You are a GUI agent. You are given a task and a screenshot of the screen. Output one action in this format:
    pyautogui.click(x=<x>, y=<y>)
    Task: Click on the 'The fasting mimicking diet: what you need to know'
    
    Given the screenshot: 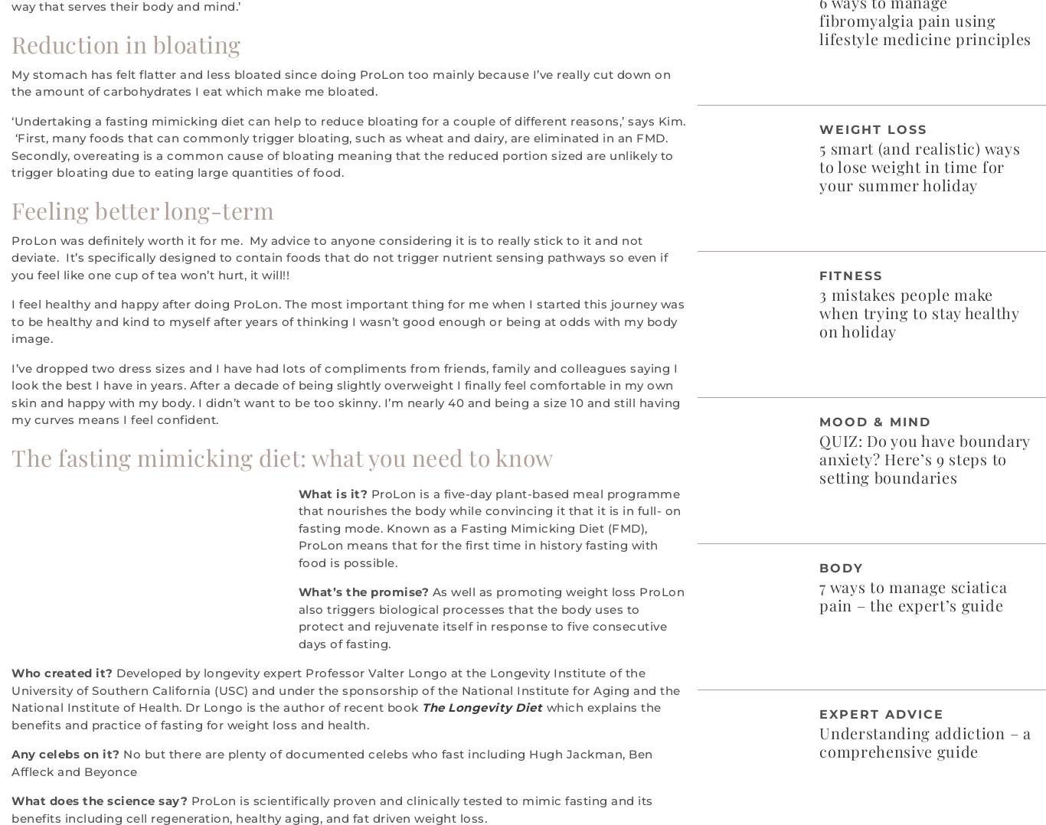 What is the action you would take?
    pyautogui.click(x=11, y=456)
    